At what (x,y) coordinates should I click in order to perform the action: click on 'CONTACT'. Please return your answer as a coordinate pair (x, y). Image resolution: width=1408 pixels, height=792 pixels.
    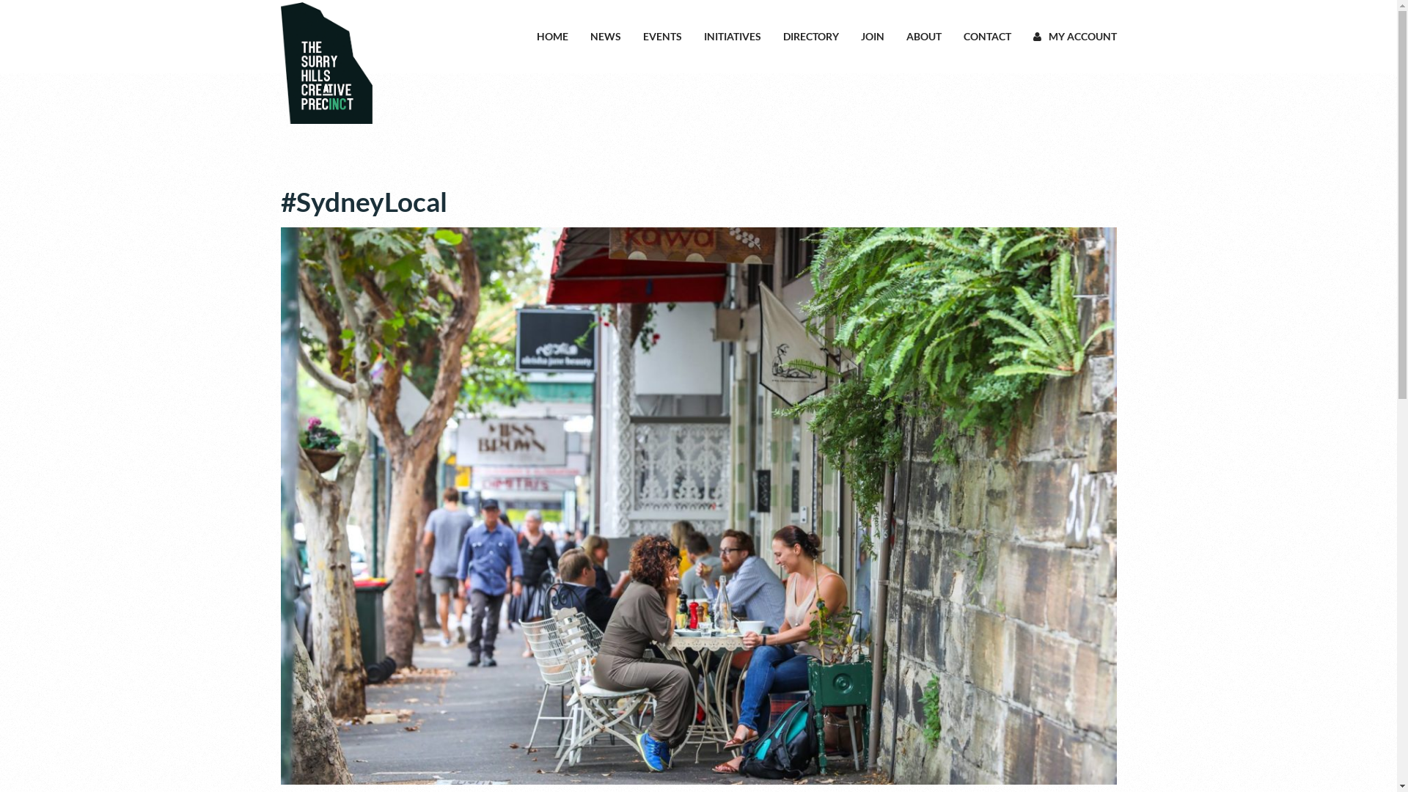
    Looking at the image, I should click on (987, 36).